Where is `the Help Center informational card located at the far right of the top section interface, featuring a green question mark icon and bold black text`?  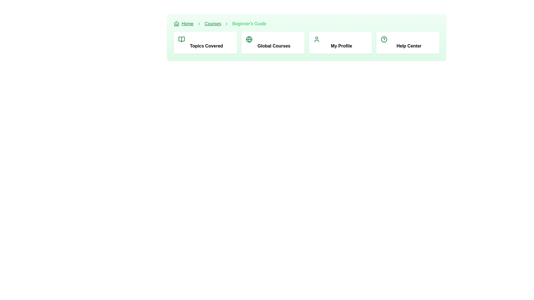 the Help Center informational card located at the far right of the top section interface, featuring a green question mark icon and bold black text is located at coordinates (408, 42).